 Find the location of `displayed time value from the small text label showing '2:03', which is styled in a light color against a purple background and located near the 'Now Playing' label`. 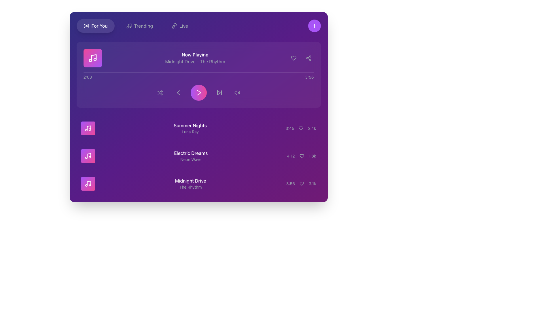

displayed time value from the small text label showing '2:03', which is styled in a light color against a purple background and located near the 'Now Playing' label is located at coordinates (87, 77).